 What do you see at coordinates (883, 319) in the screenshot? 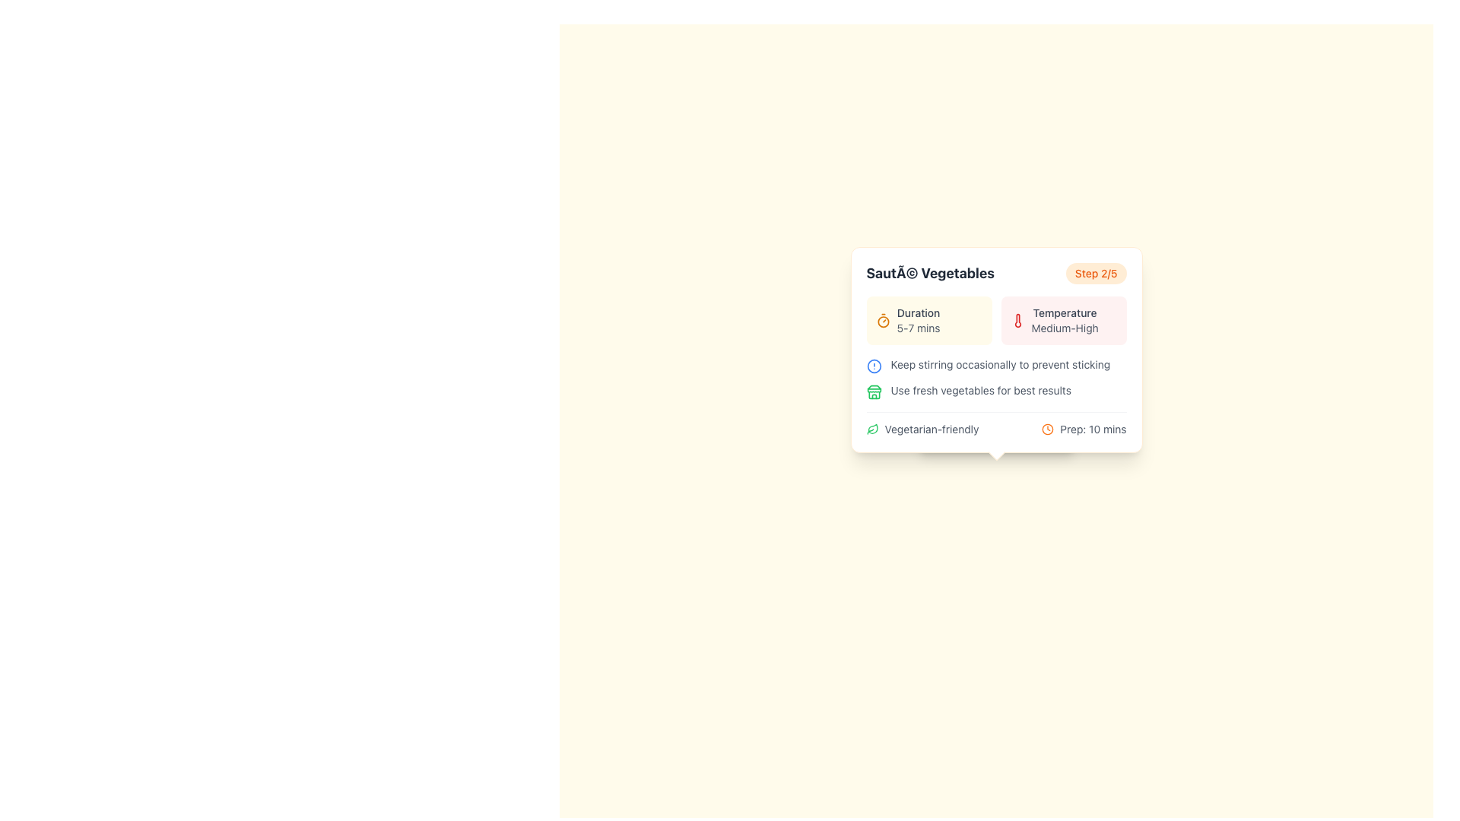
I see `the orange circular timer icon located to the left of the text 'Duration: 5-7 mins' in the upper-left section of the card layout` at bounding box center [883, 319].